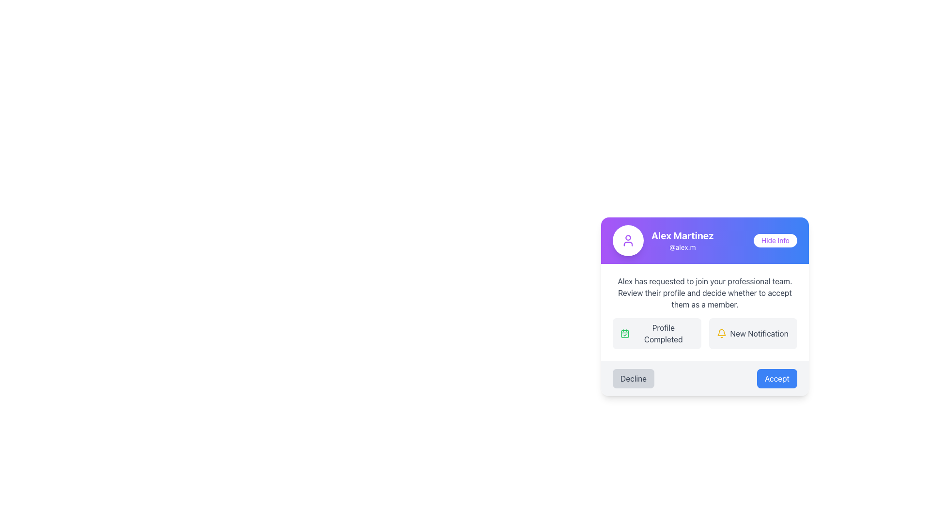 The height and width of the screenshot is (523, 930). Describe the element at coordinates (628, 240) in the screenshot. I see `the user profile Icon Button located to the left of the text 'Alex Martinez' and '@alex.m', which is visually distinct as a white button with purple accents` at that location.